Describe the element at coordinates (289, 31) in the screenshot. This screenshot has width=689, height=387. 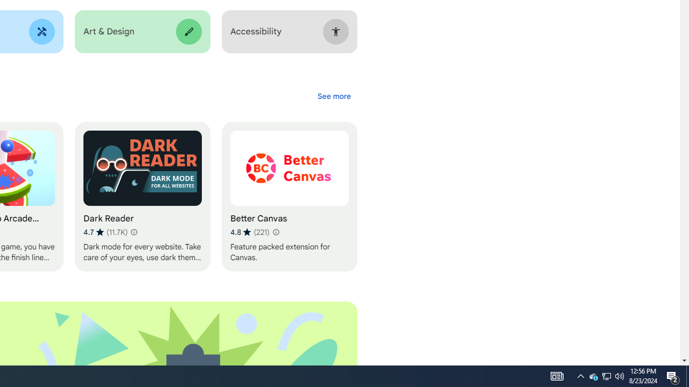
I see `'Accessibility'` at that location.